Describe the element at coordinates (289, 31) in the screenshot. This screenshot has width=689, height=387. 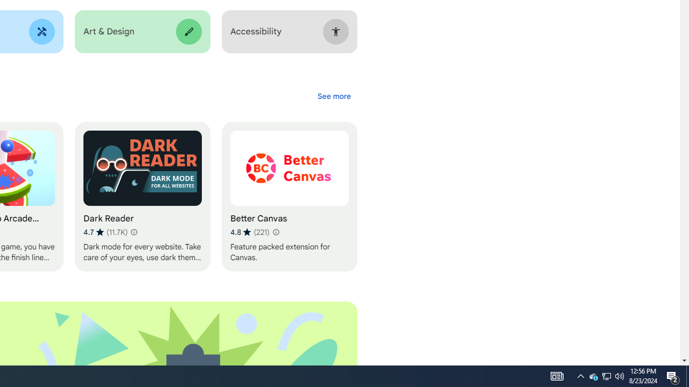
I see `'Accessibility'` at that location.